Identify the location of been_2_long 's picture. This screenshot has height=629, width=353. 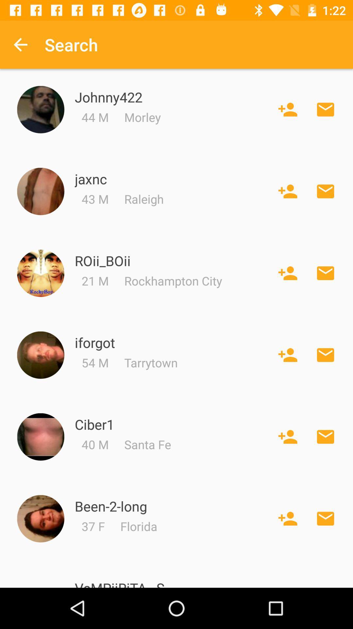
(41, 518).